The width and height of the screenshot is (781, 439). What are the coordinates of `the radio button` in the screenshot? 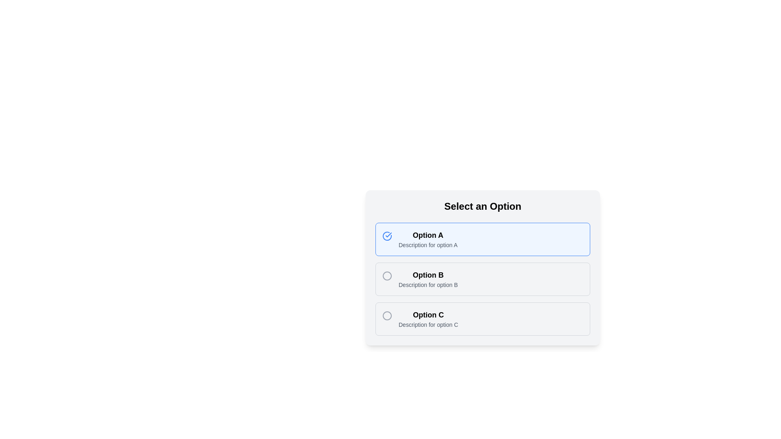 It's located at (386, 315).